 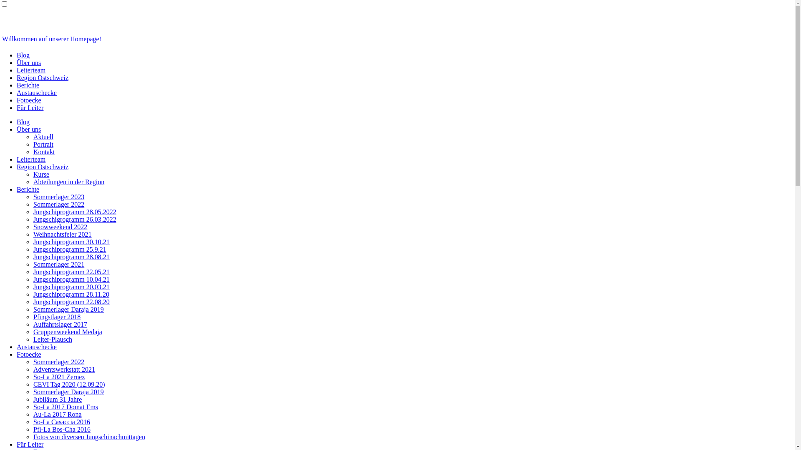 I want to click on 'So-La 2017 Domat Ems', so click(x=33, y=406).